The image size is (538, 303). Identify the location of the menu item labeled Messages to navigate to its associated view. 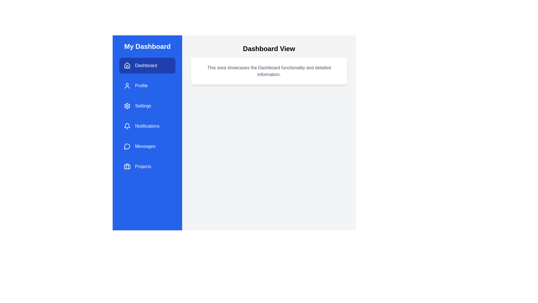
(147, 146).